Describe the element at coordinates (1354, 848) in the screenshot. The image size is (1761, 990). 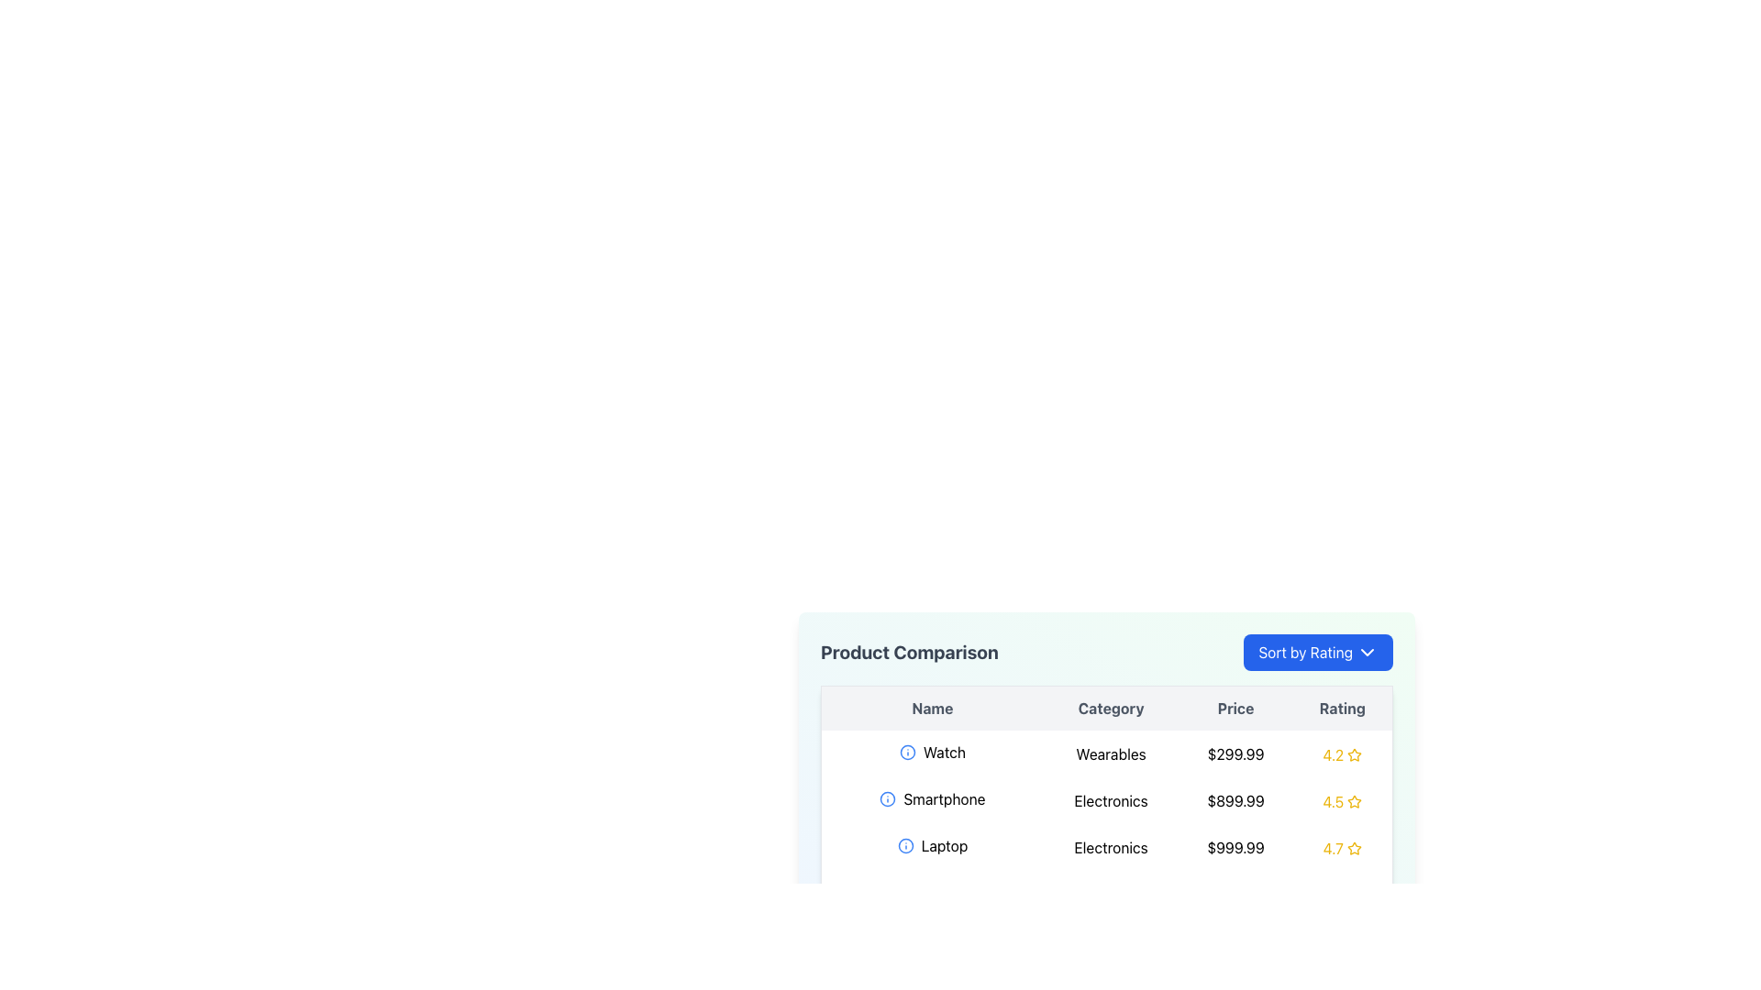
I see `the yellow star-shaped icon with a hollow interior located next to the rating '4.7' in the 'Rating' column of the last row in the product comparison table for the 'Electronics' category` at that location.